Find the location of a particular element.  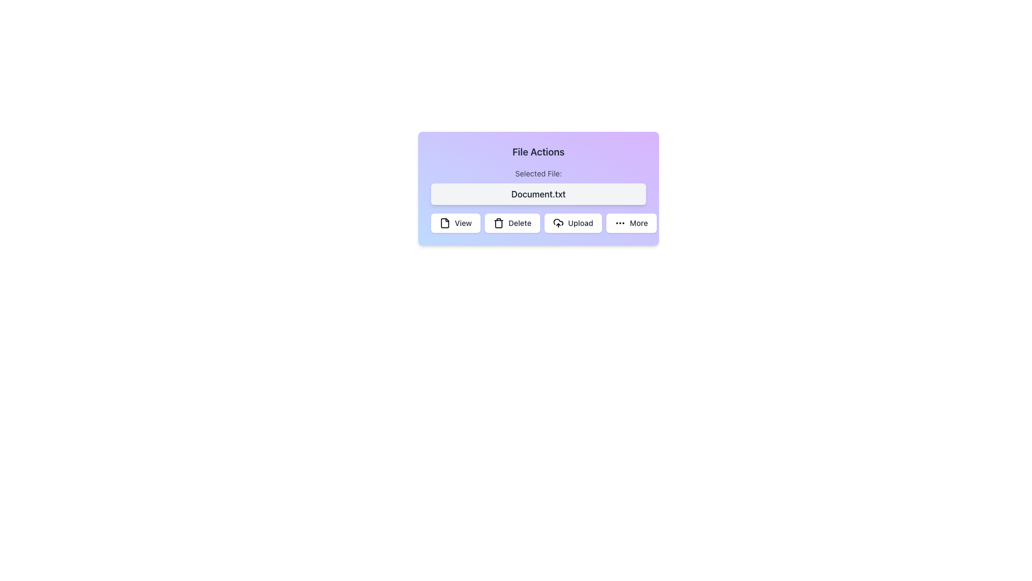

the black trash can icon located to the left of the 'Delete' text label within the second button of a horizontal group at the bottom of a card layout is located at coordinates (498, 223).